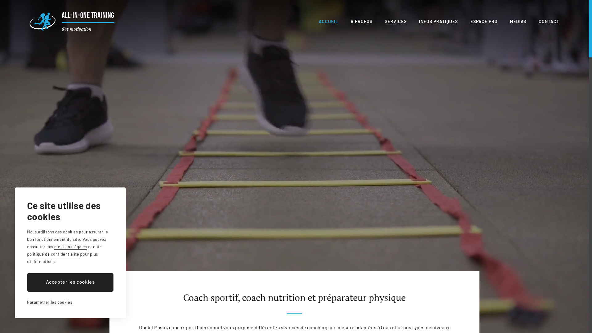 Image resolution: width=592 pixels, height=333 pixels. Describe the element at coordinates (328, 21) in the screenshot. I see `'ACCUEIL'` at that location.